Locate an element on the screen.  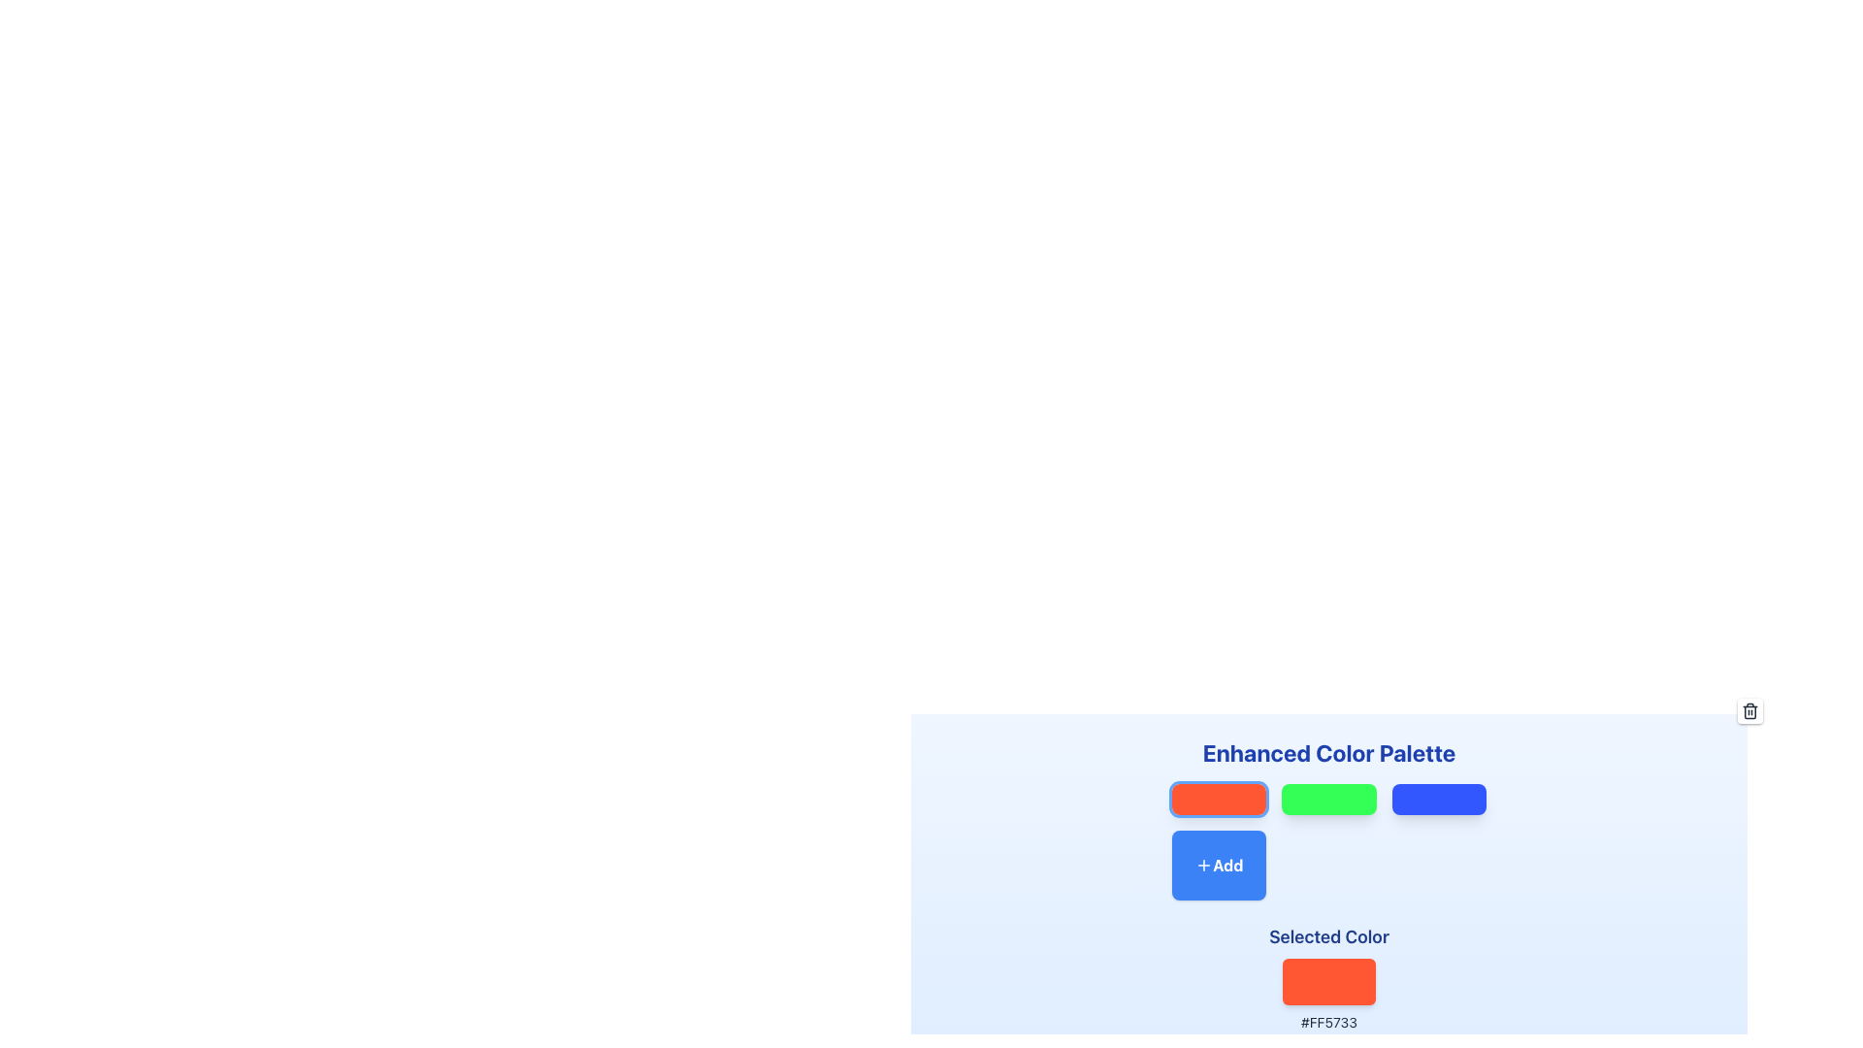
the plus sign icon located at the center of the blue rounded button labeled 'Add' in the 'Enhanced Color Palette' section is located at coordinates (1203, 864).